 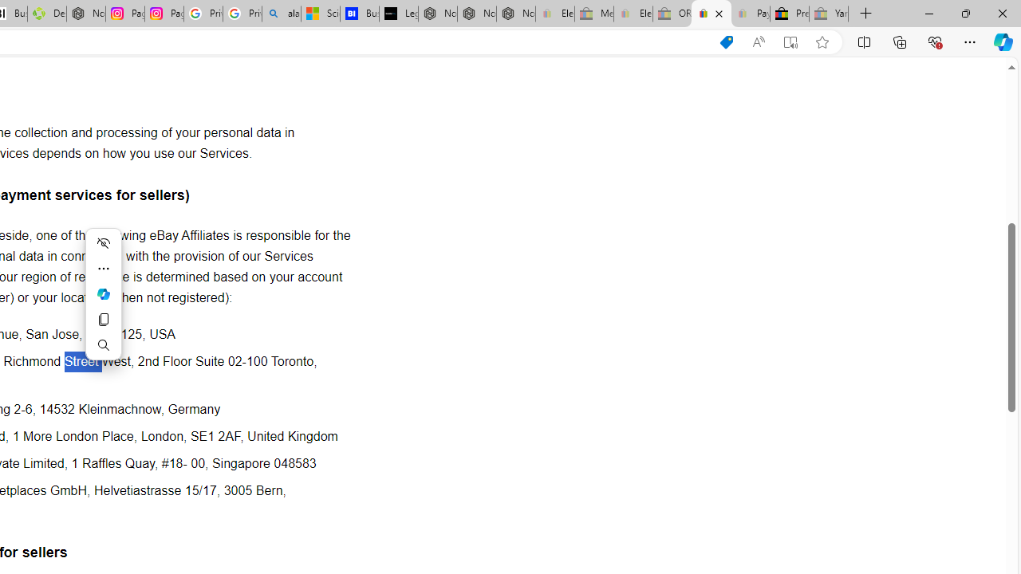 What do you see at coordinates (102, 267) in the screenshot?
I see `'More actions'` at bounding box center [102, 267].